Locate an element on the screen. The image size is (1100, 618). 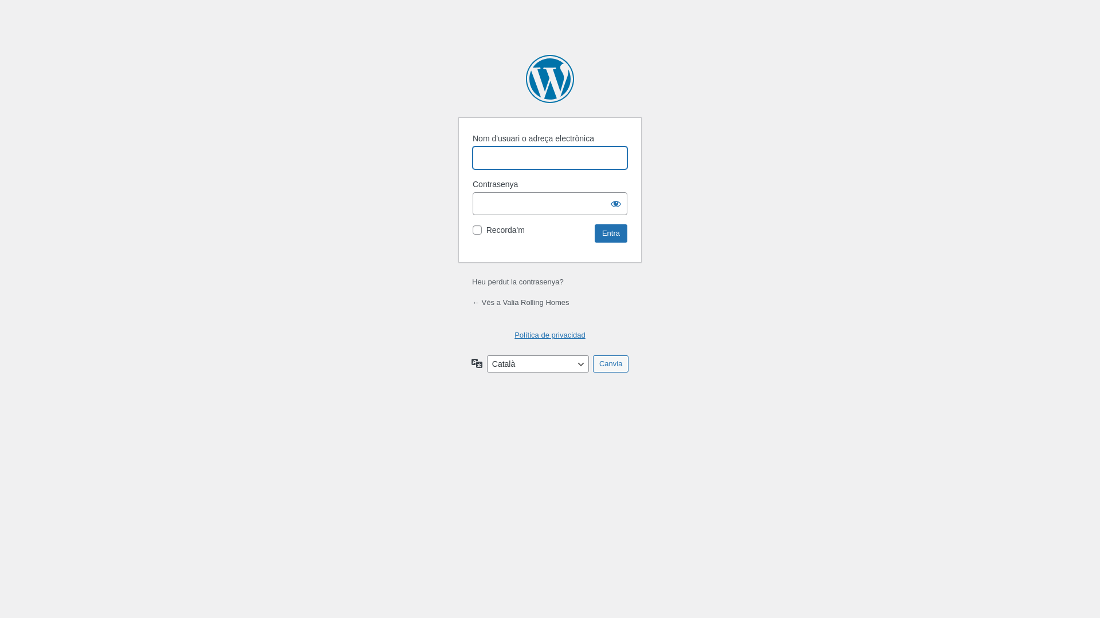
'Canvia' is located at coordinates (610, 364).